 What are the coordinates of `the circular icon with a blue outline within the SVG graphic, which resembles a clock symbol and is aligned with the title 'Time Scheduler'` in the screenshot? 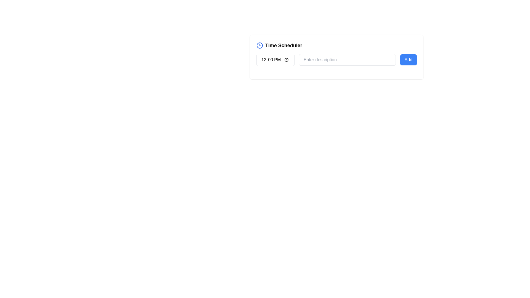 It's located at (259, 45).